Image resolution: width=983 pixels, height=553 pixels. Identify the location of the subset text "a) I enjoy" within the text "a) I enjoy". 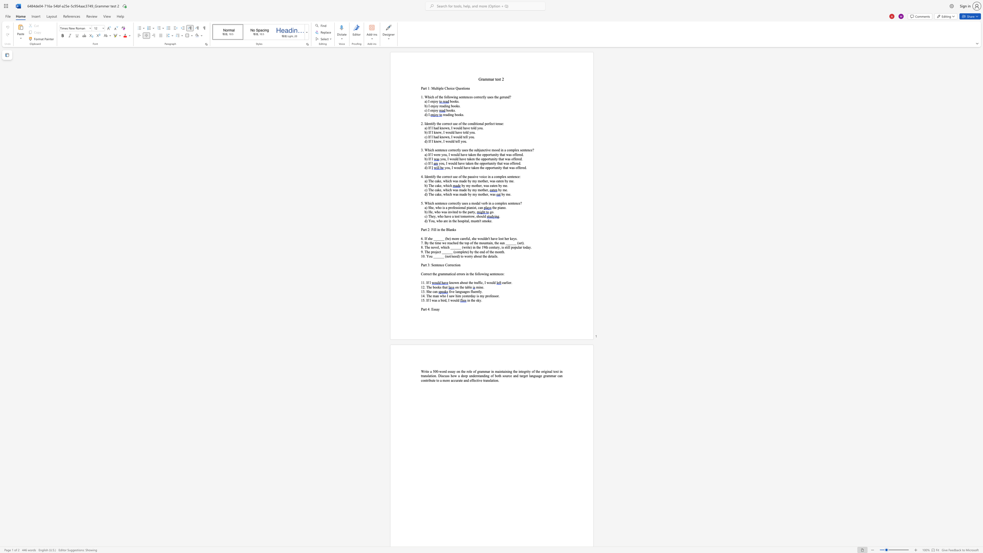
(424, 102).